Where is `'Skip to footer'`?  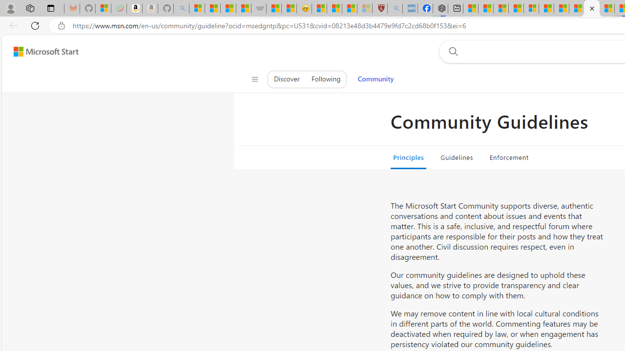
'Skip to footer' is located at coordinates (40, 51).